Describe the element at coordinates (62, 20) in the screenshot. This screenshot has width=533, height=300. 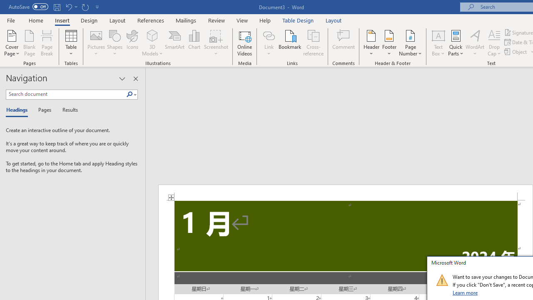
I see `'Insert'` at that location.